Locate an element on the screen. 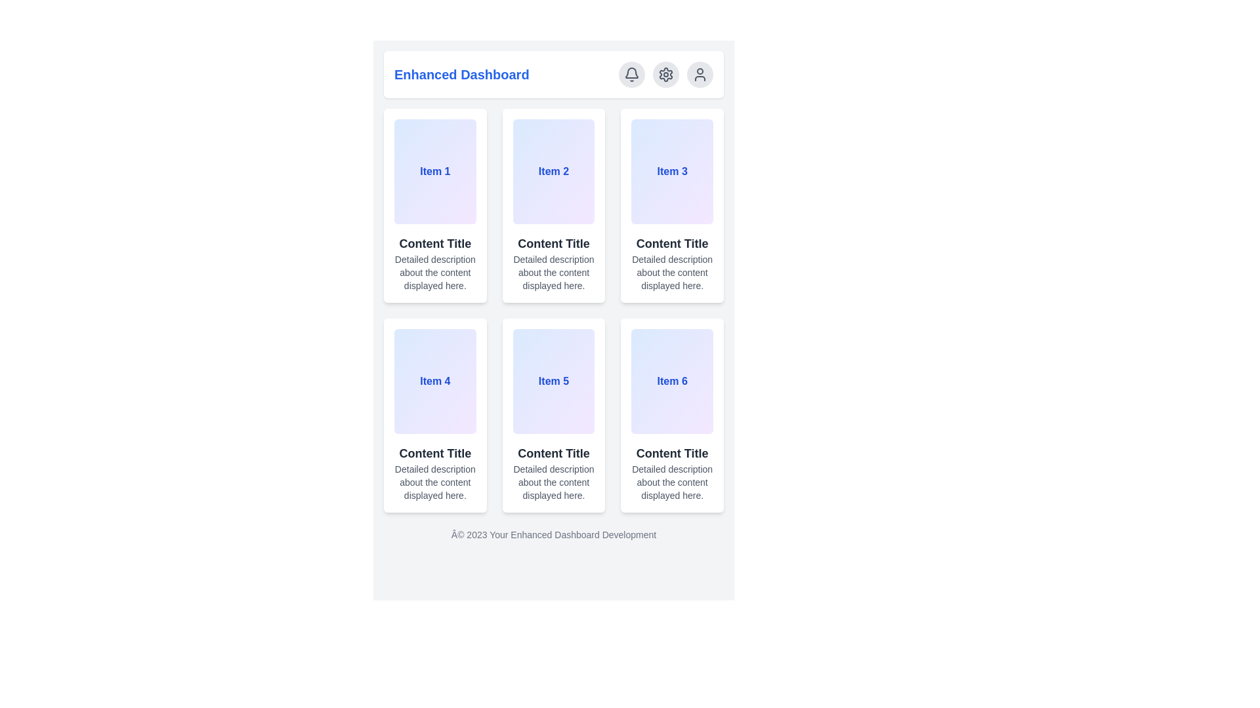 The image size is (1260, 708). the text label located at the bottom of the third card in the top-right corner of the grid layout, which provides a detailed description of the card's content is located at coordinates (672, 272).